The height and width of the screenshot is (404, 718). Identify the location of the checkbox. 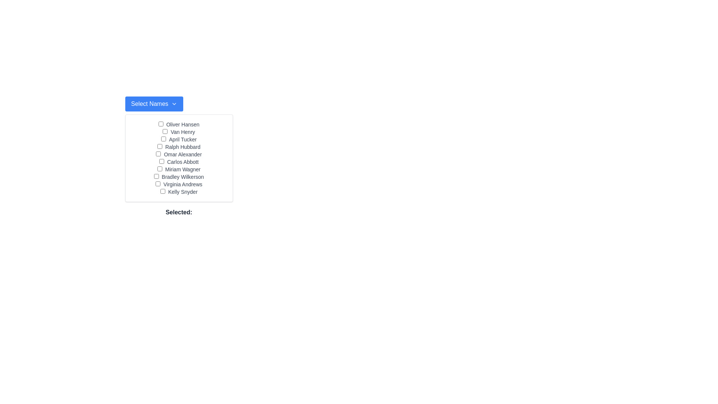
(178, 161).